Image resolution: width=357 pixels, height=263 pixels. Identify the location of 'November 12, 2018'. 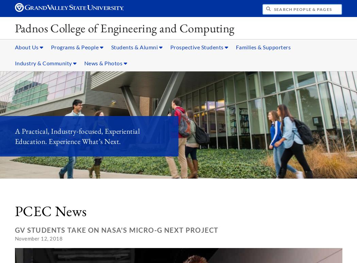
(38, 238).